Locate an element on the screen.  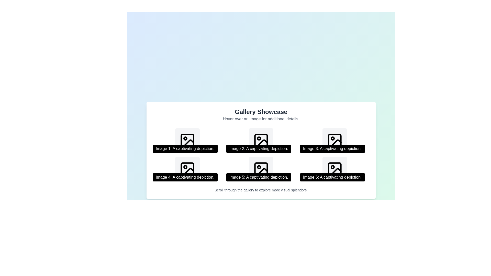
the small circular shape with a black outline located near the upper-left corner of the sixth image icon in the gallery layout is located at coordinates (332, 167).